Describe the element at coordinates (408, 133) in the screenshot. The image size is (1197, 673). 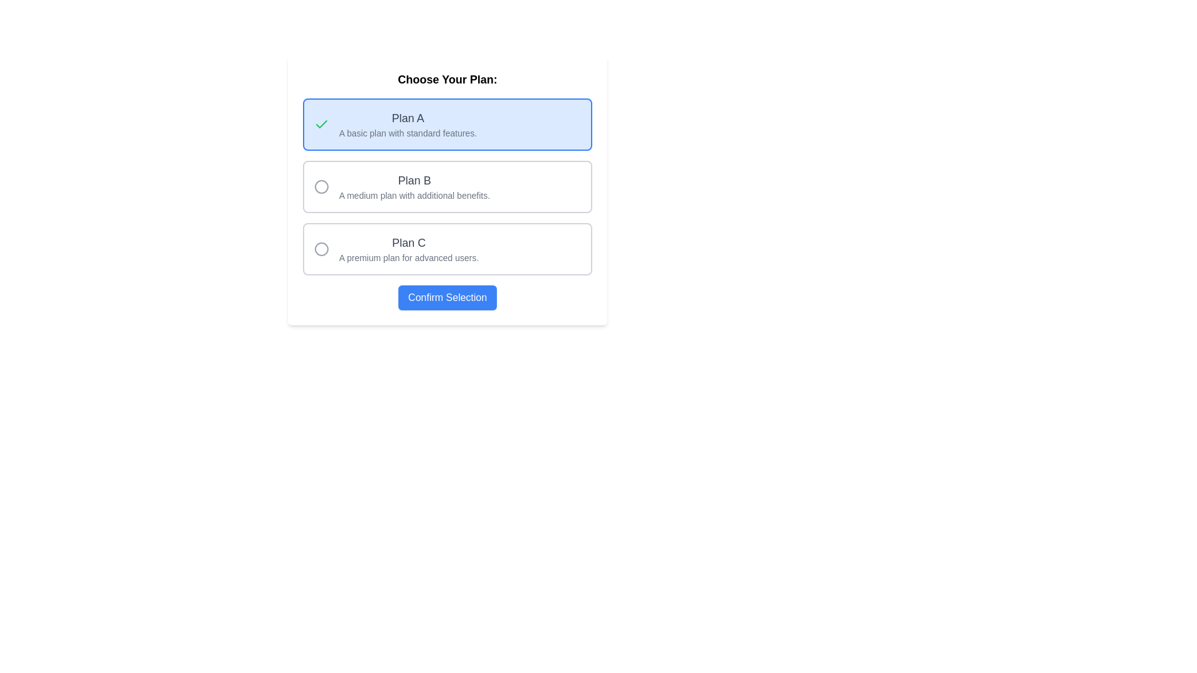
I see `text content of the gray text label that states 'A basic plan with standard features.' located below the title 'Plan A' within its card` at that location.